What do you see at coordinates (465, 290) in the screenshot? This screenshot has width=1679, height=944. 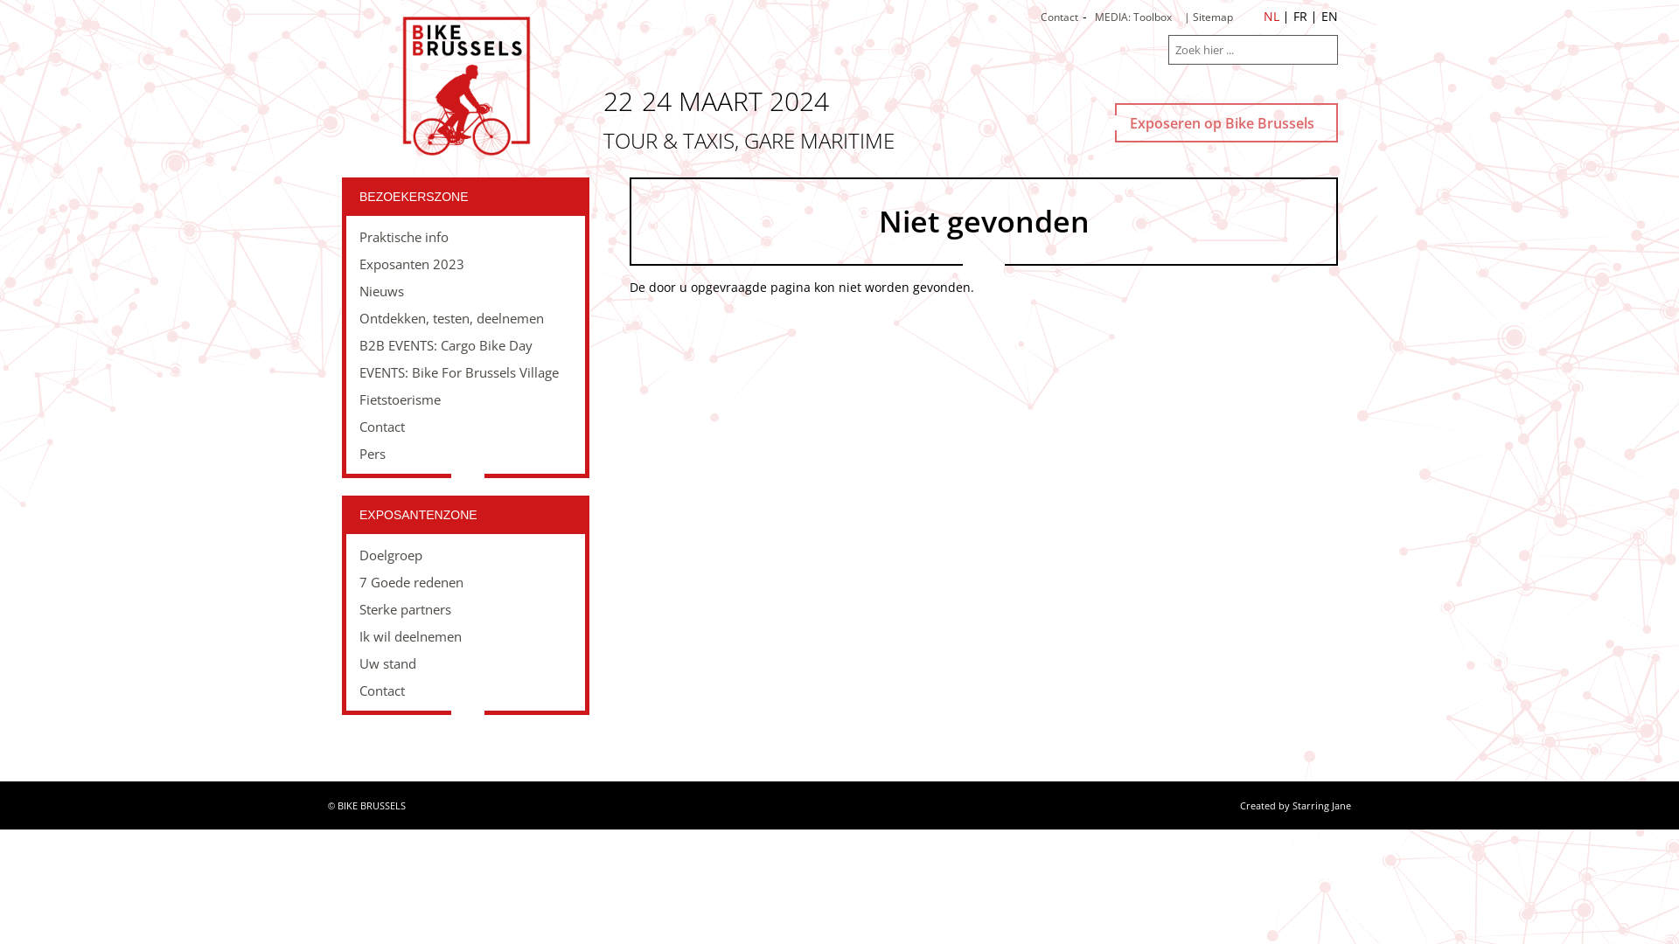 I see `'Nieuws'` at bounding box center [465, 290].